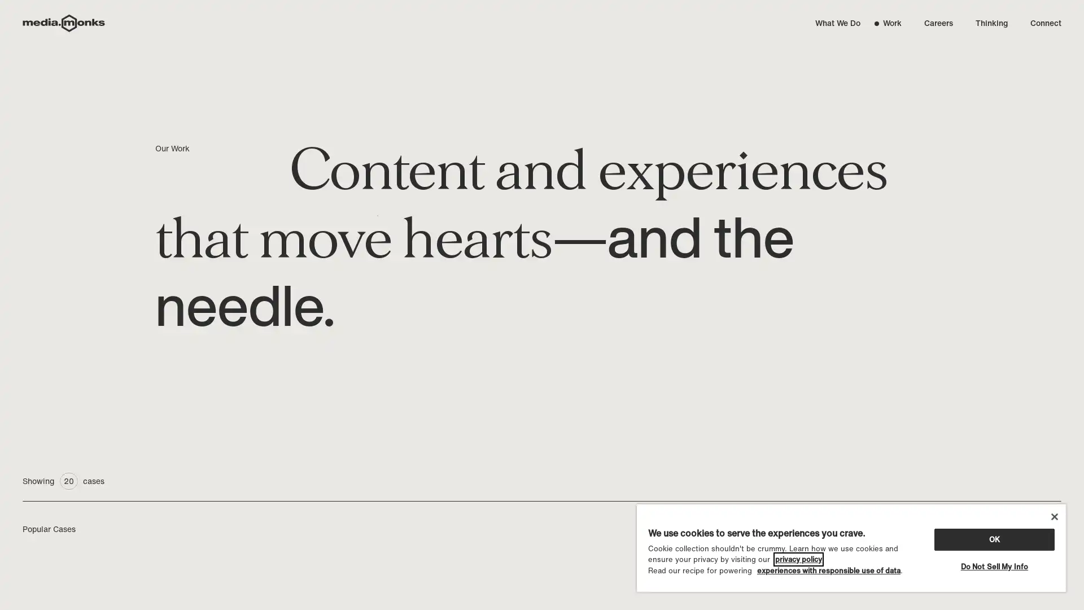  What do you see at coordinates (994, 538) in the screenshot?
I see `OK` at bounding box center [994, 538].